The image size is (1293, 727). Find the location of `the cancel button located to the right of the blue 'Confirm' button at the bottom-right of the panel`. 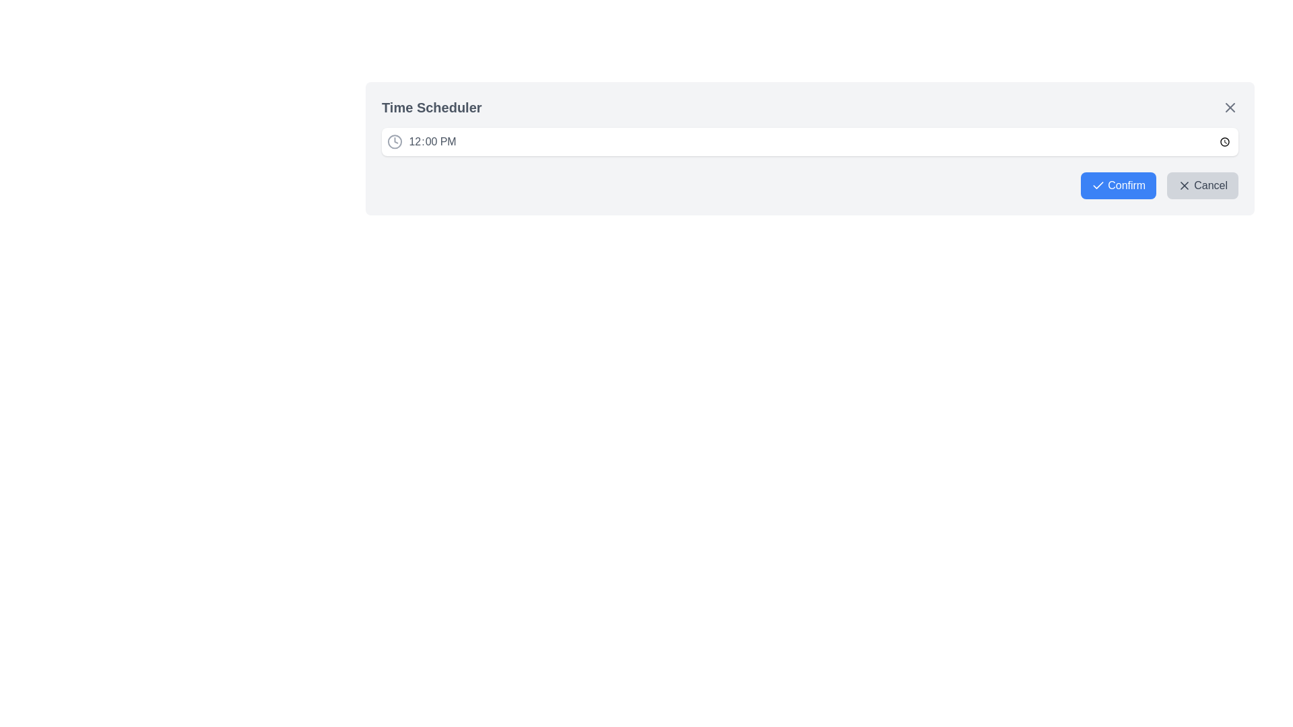

the cancel button located to the right of the blue 'Confirm' button at the bottom-right of the panel is located at coordinates (1203, 186).